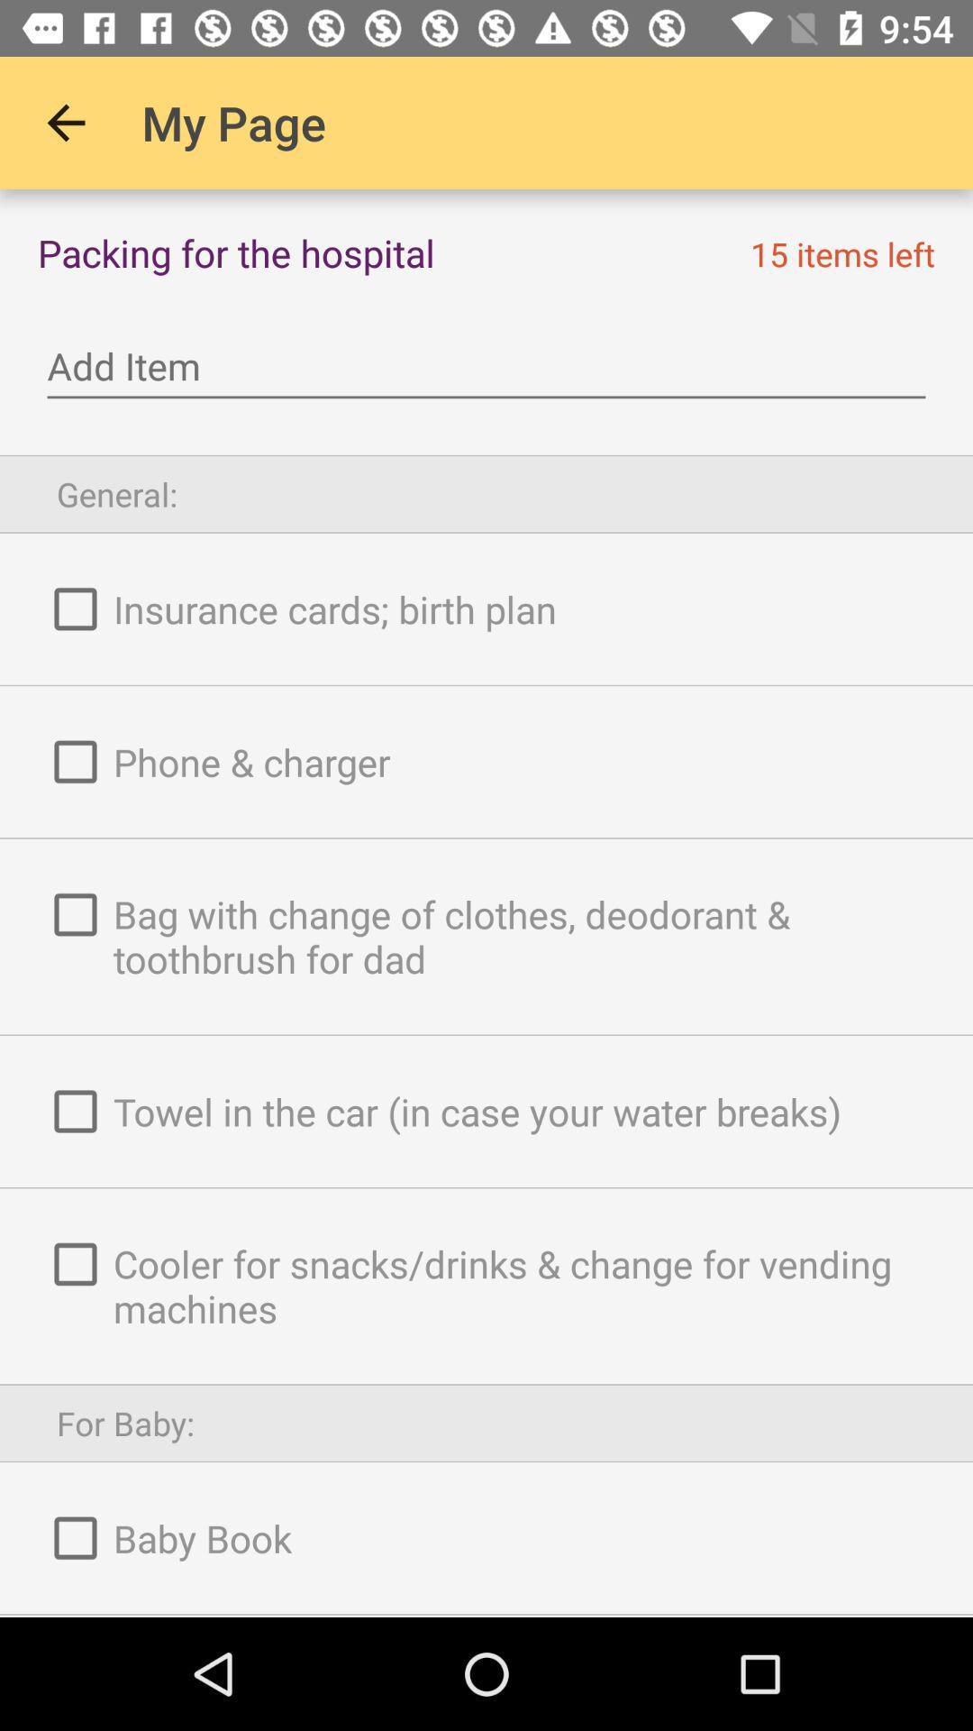 This screenshot has width=973, height=1731. Describe the element at coordinates (65, 122) in the screenshot. I see `icon above packing for the item` at that location.